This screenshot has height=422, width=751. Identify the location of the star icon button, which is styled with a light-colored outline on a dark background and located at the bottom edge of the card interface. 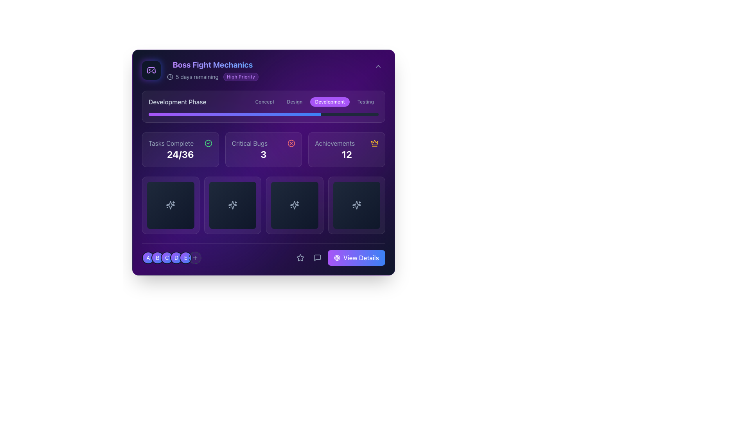
(300, 257).